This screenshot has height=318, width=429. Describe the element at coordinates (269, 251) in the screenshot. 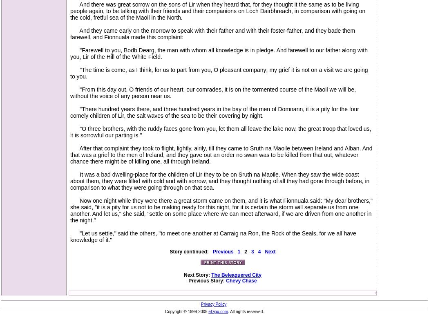

I see `'Next'` at that location.